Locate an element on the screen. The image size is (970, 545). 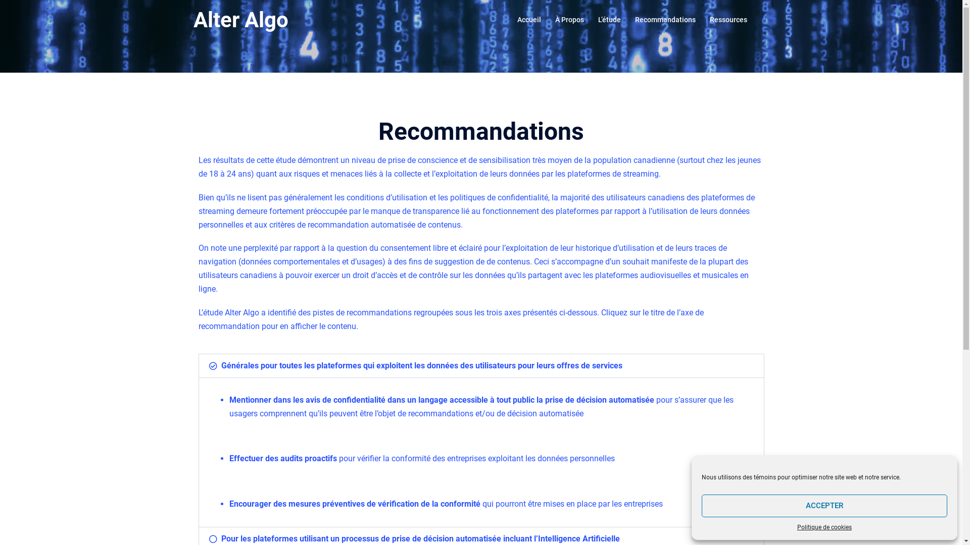
'Ressources' is located at coordinates (727, 20).